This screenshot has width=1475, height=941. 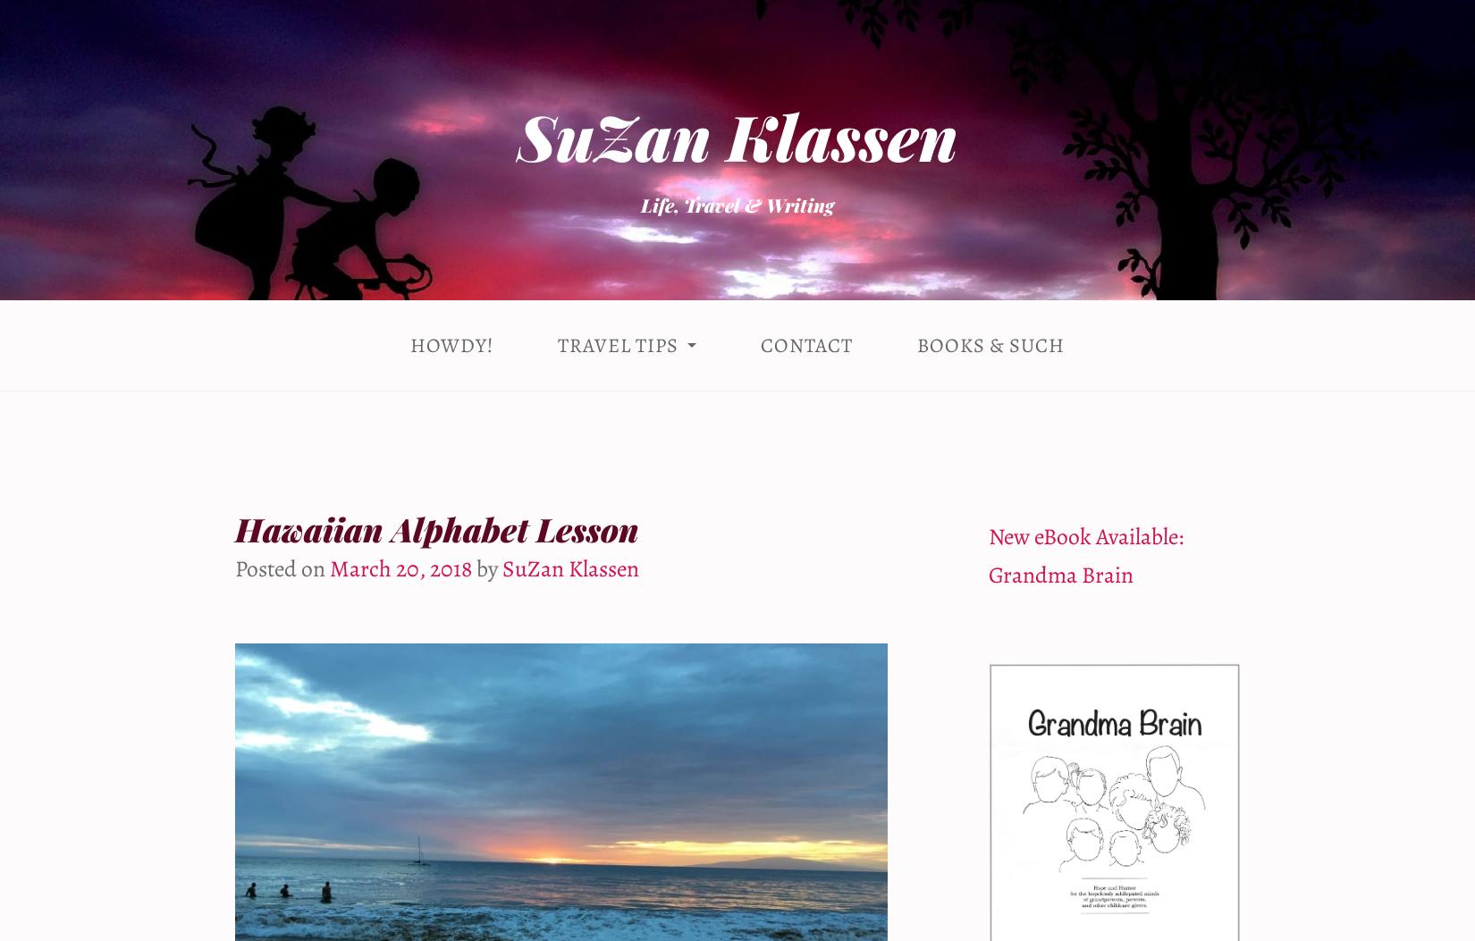 What do you see at coordinates (400, 567) in the screenshot?
I see `'March 20, 2018'` at bounding box center [400, 567].